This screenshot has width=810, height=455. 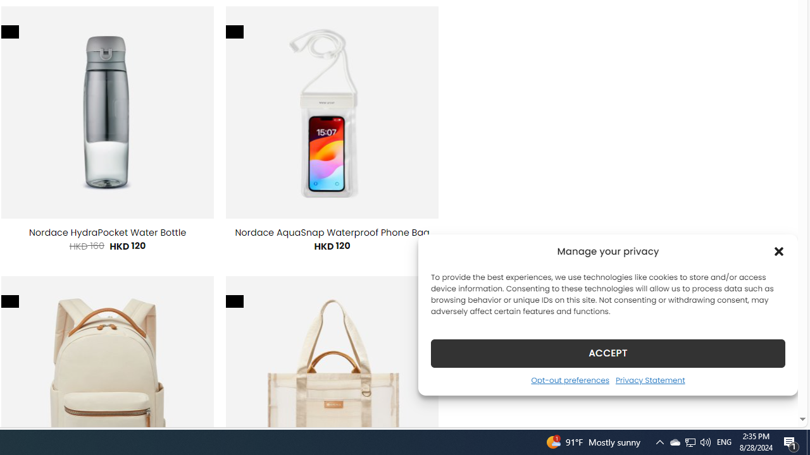 I want to click on 'Opt-out preferences', so click(x=569, y=379).